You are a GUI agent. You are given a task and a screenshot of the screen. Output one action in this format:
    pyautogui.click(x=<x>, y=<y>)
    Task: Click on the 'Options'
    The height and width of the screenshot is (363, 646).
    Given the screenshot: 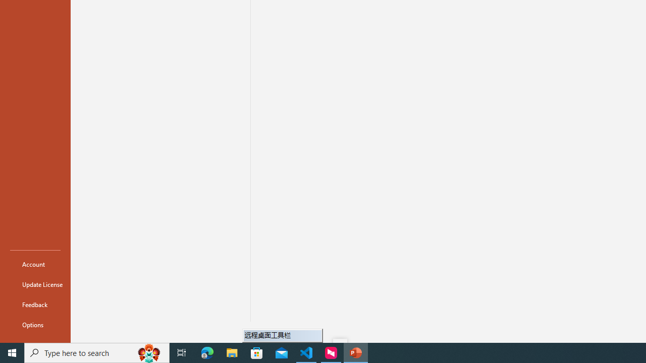 What is the action you would take?
    pyautogui.click(x=35, y=325)
    